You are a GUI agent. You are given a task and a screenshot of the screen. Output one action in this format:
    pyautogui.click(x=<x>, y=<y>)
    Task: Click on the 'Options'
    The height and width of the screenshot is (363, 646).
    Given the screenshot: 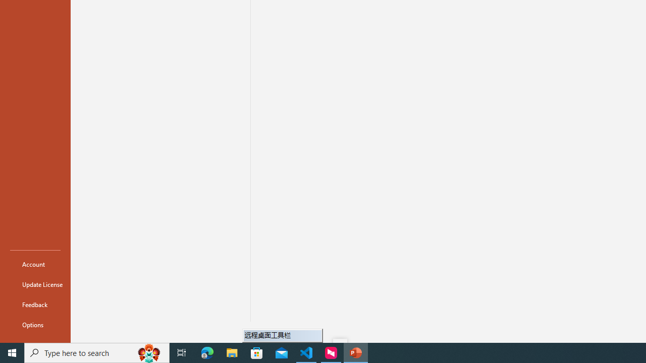 What is the action you would take?
    pyautogui.click(x=35, y=325)
    